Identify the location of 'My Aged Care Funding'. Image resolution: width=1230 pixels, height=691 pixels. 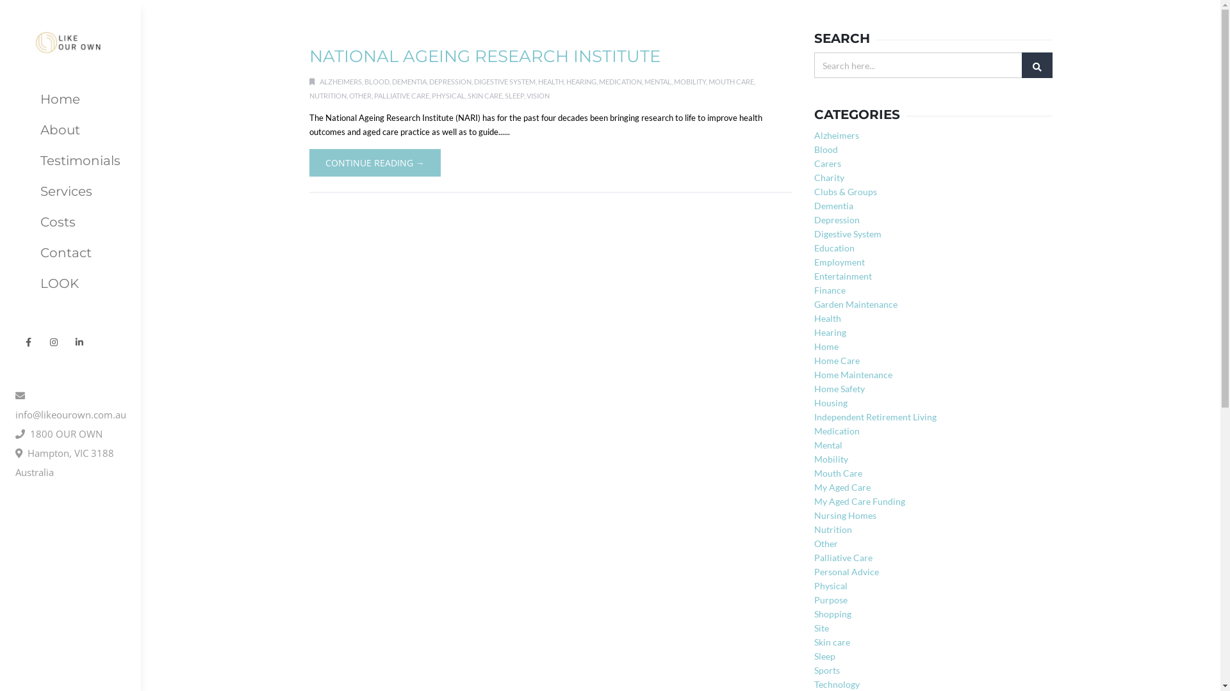
(860, 500).